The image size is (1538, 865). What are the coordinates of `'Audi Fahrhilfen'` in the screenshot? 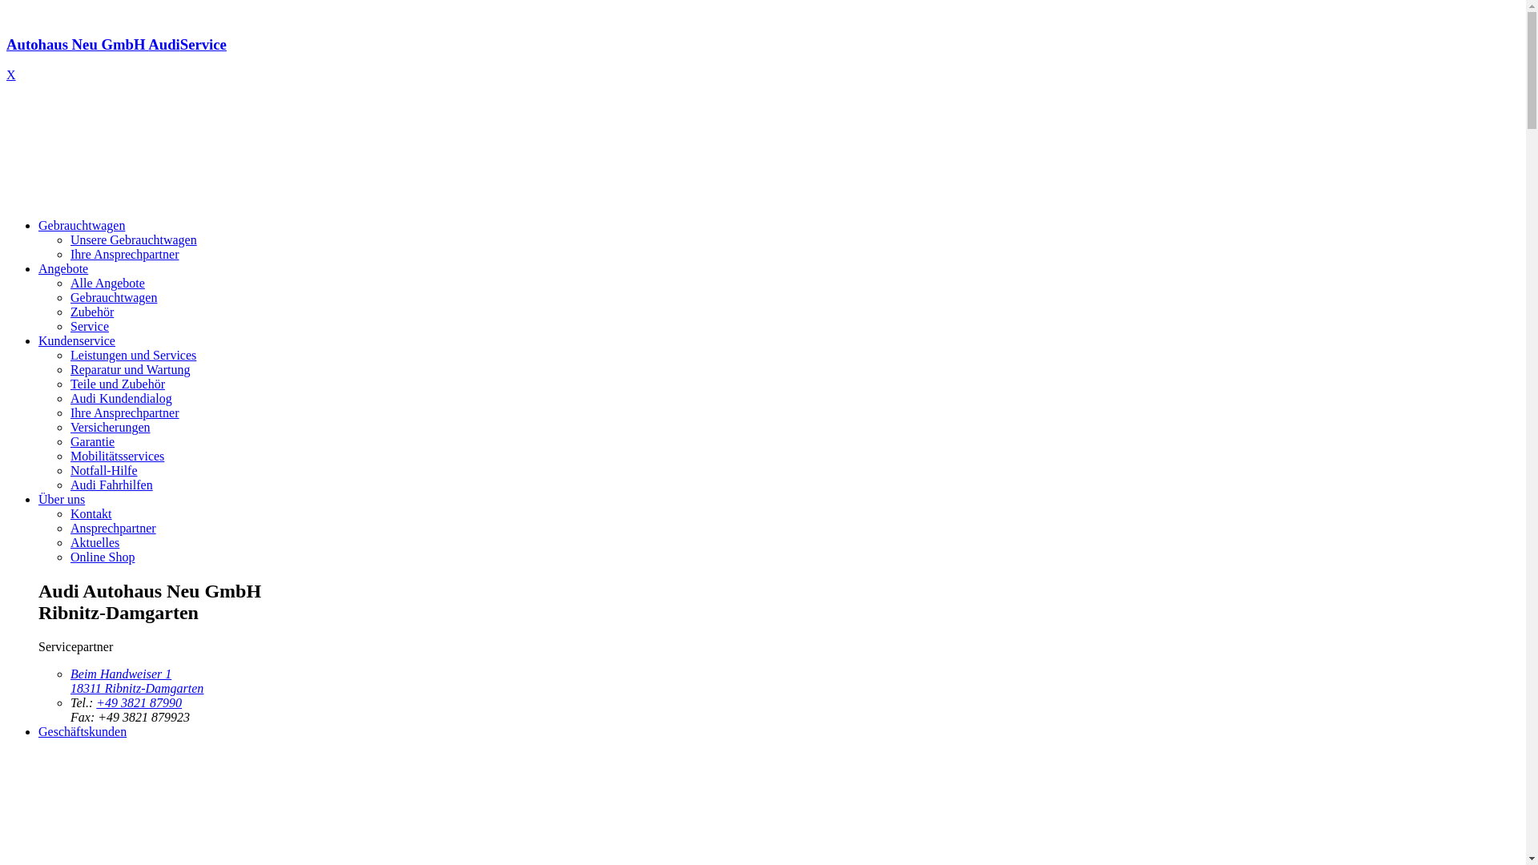 It's located at (111, 484).